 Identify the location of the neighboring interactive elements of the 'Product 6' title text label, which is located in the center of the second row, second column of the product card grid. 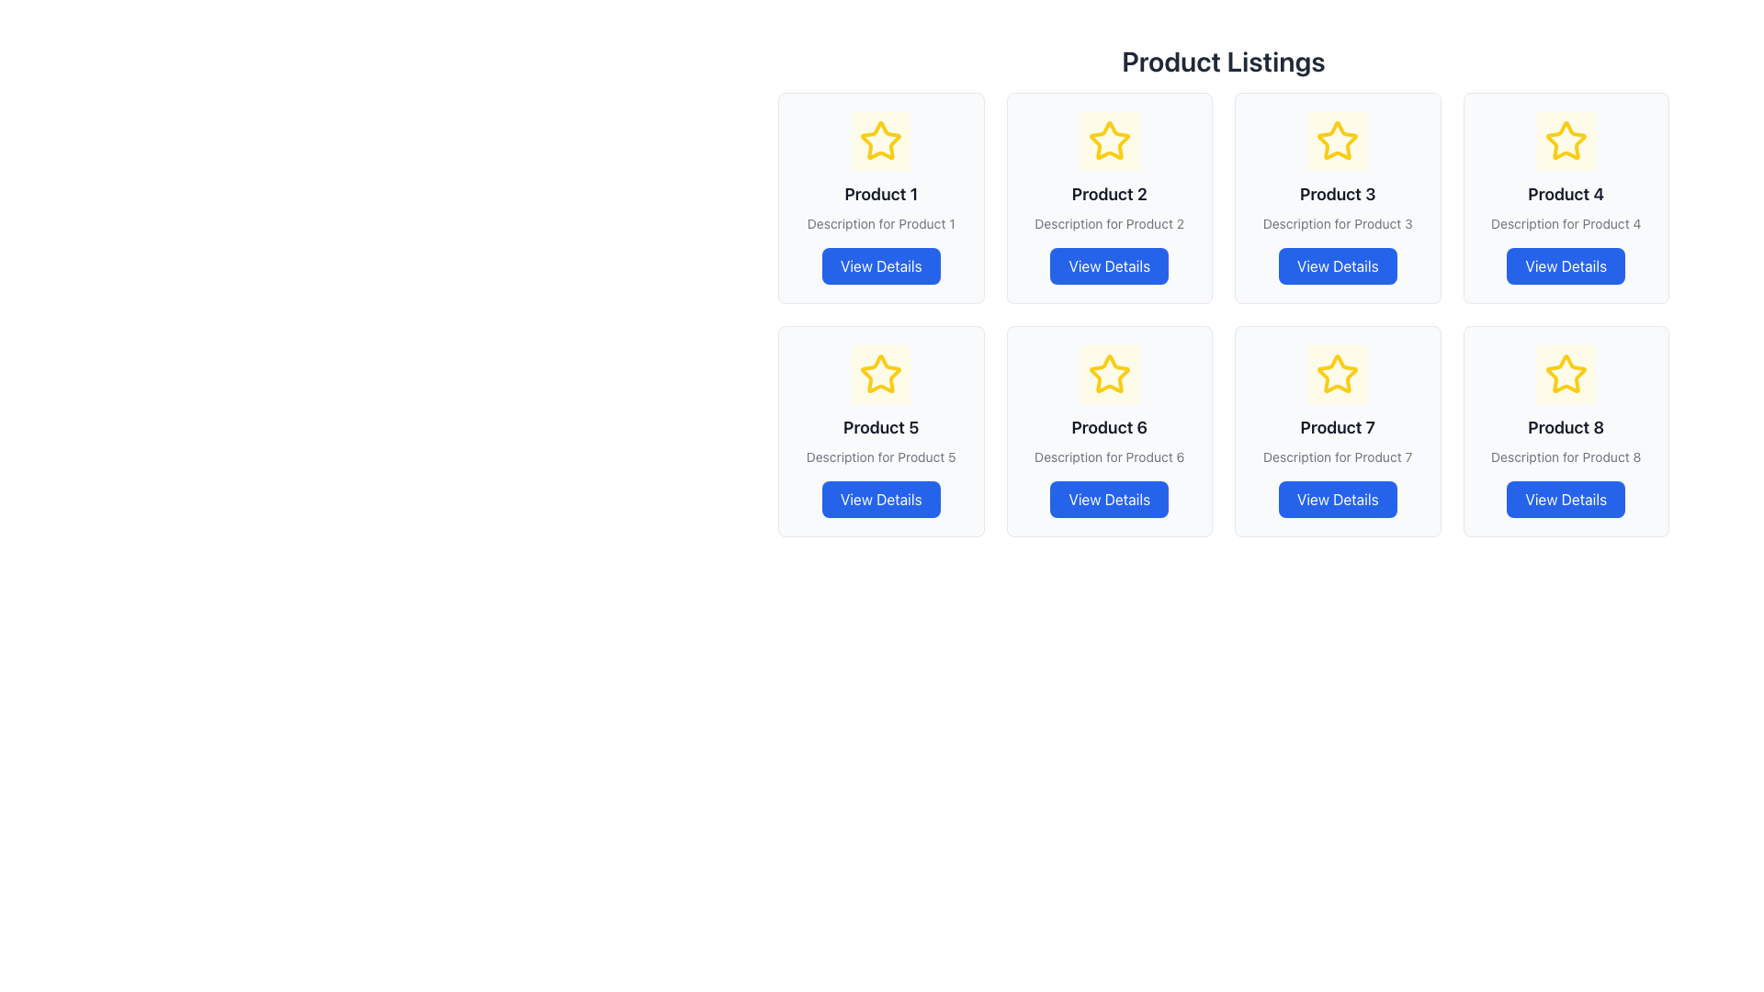
(1108, 428).